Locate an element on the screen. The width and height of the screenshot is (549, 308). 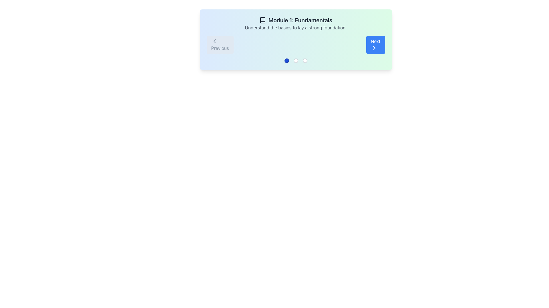
the heading text that indicates the title or topic of the displayed module, which is located after a small book icon and is centered within the card's layout is located at coordinates (300, 20).